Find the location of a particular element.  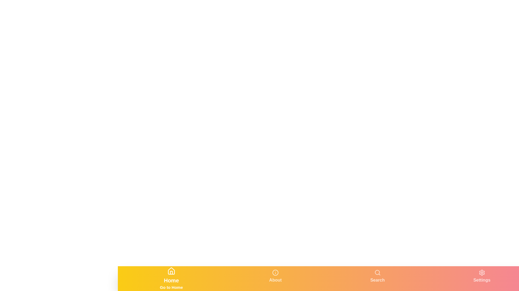

the tab labeled Search to switch to that tab is located at coordinates (377, 278).